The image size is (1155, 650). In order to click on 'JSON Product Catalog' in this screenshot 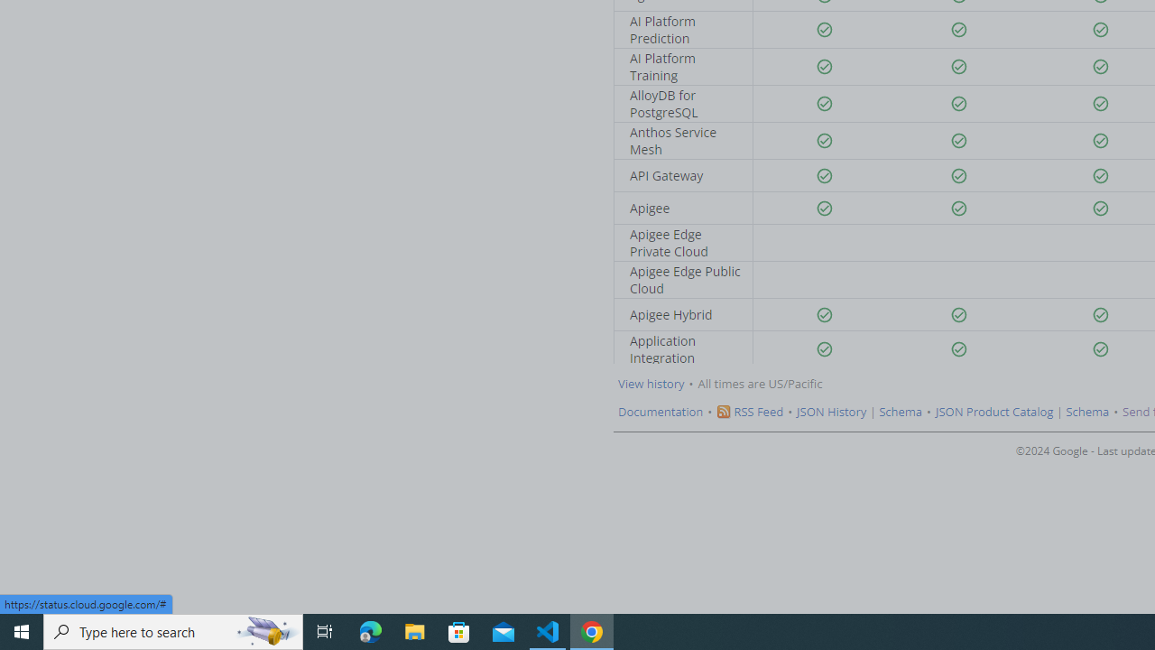, I will do `click(993, 412)`.